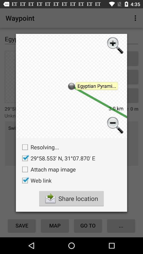  What do you see at coordinates (35, 180) in the screenshot?
I see `icon below attach map image` at bounding box center [35, 180].